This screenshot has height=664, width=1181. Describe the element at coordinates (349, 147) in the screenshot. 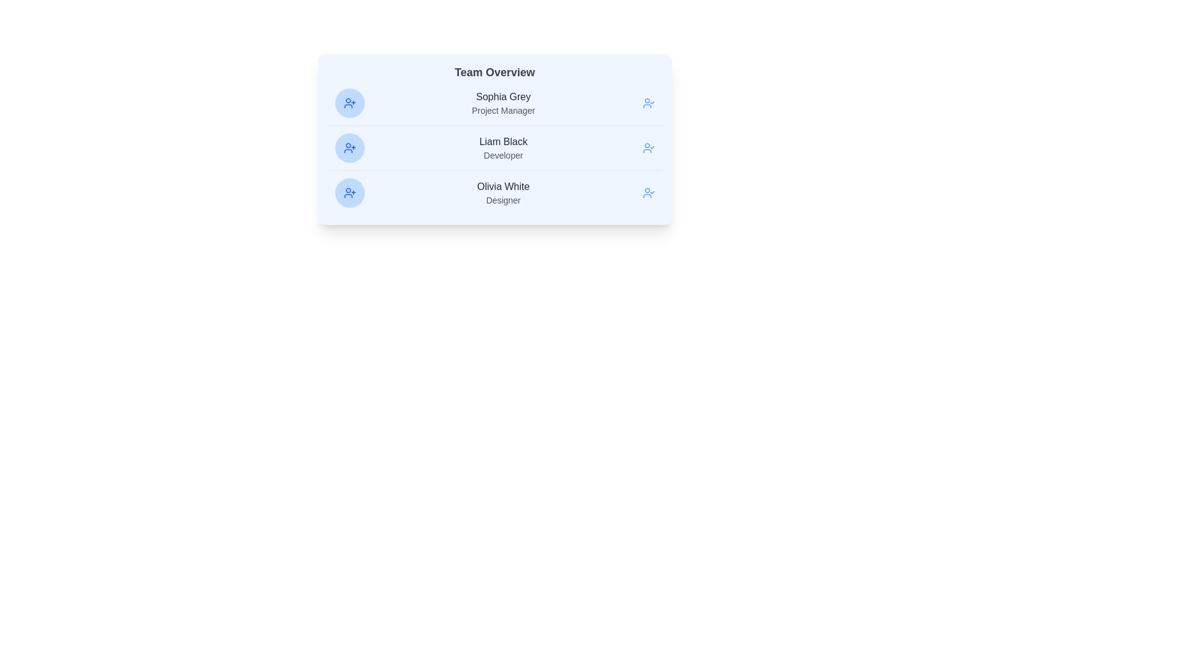

I see `the icon button to invite or add the user 'Liam Black, Developer', located in the left section of the panel row labeled 'Liam Black'` at that location.